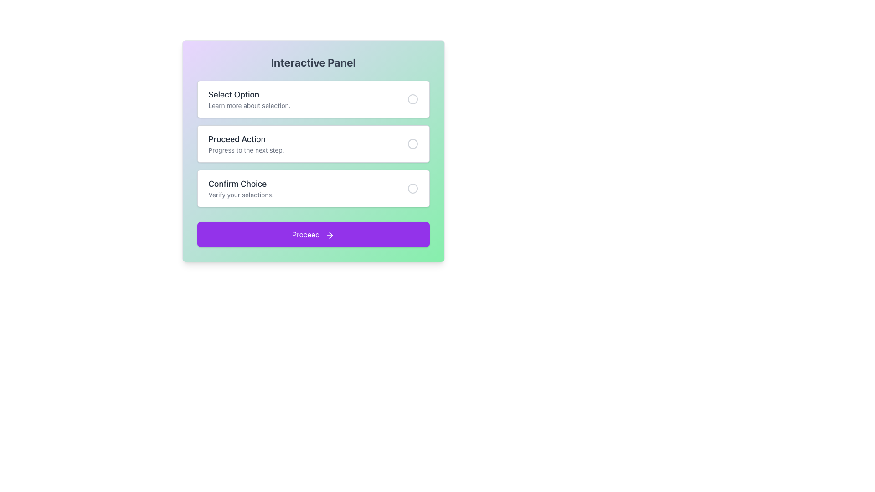  What do you see at coordinates (246, 143) in the screenshot?
I see `the second selectable list option labeled 'Proceed Action'` at bounding box center [246, 143].